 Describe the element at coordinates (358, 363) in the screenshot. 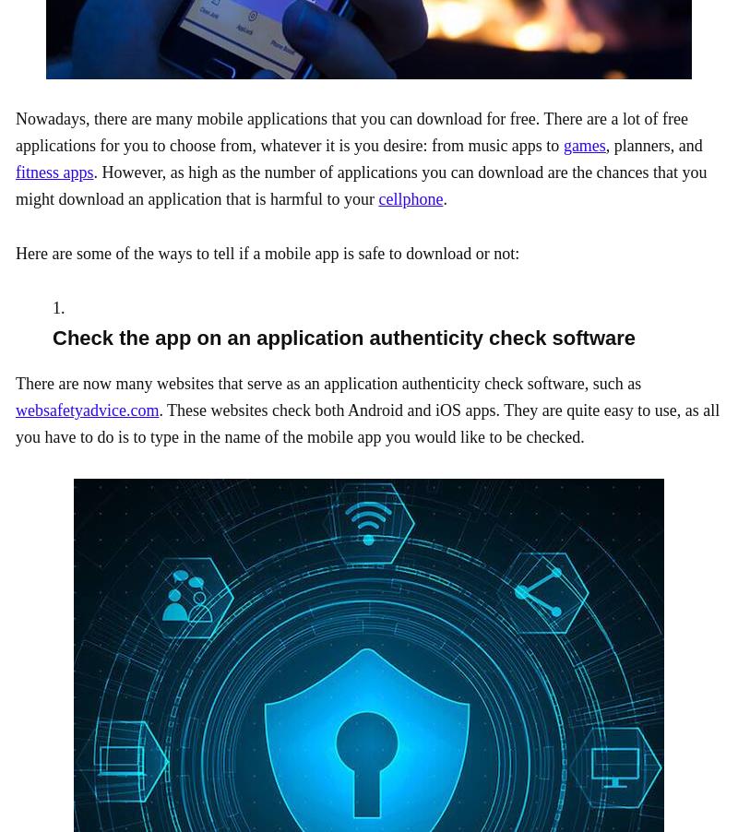

I see `'149 apps in November 2018 were found dangerous'` at that location.